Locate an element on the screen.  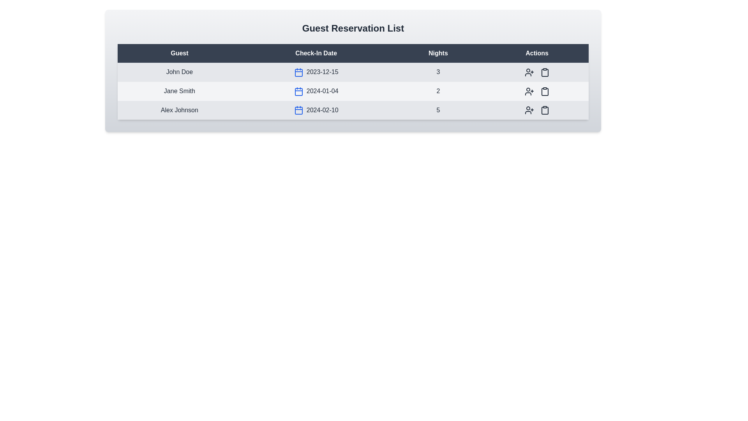
the small blue outlined calendar icon located in the second row of the table next to the date '2024-01-04' is located at coordinates (298, 91).